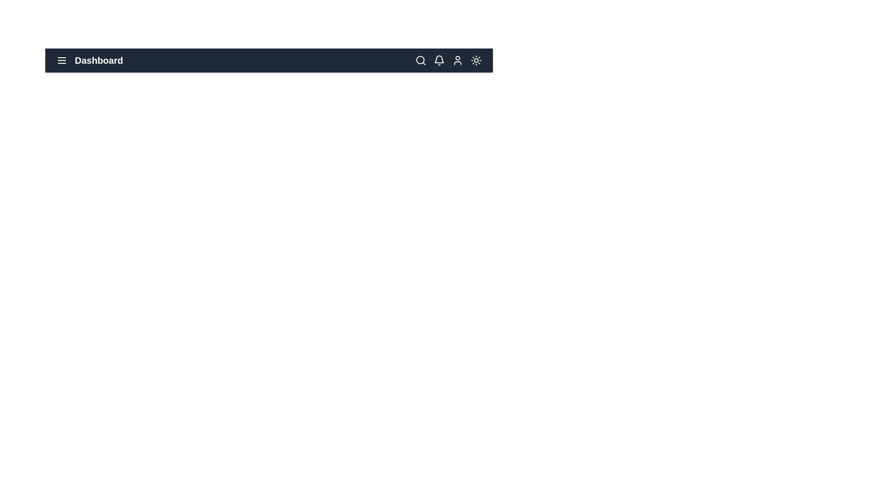  I want to click on the bell icon to view notifications, so click(438, 61).